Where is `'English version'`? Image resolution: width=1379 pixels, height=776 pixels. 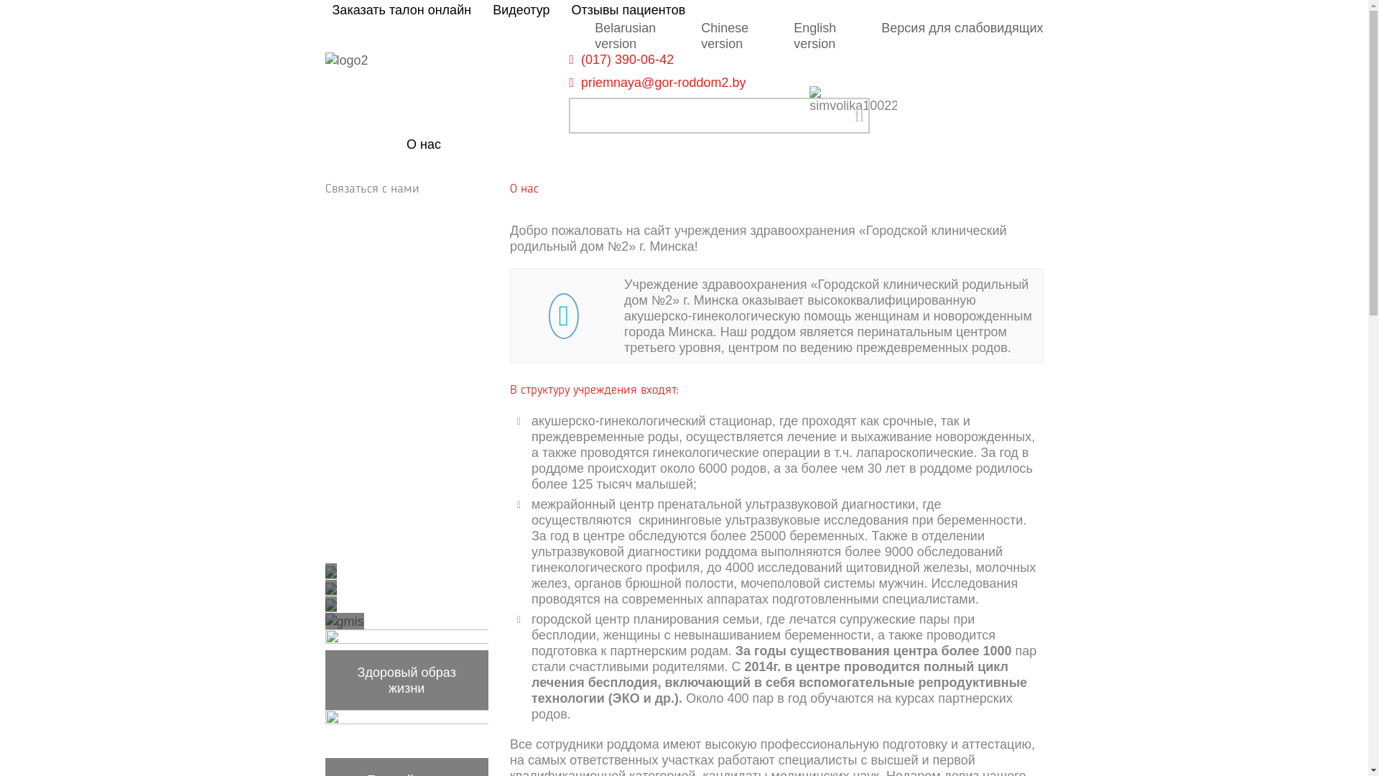 'English version' is located at coordinates (814, 35).